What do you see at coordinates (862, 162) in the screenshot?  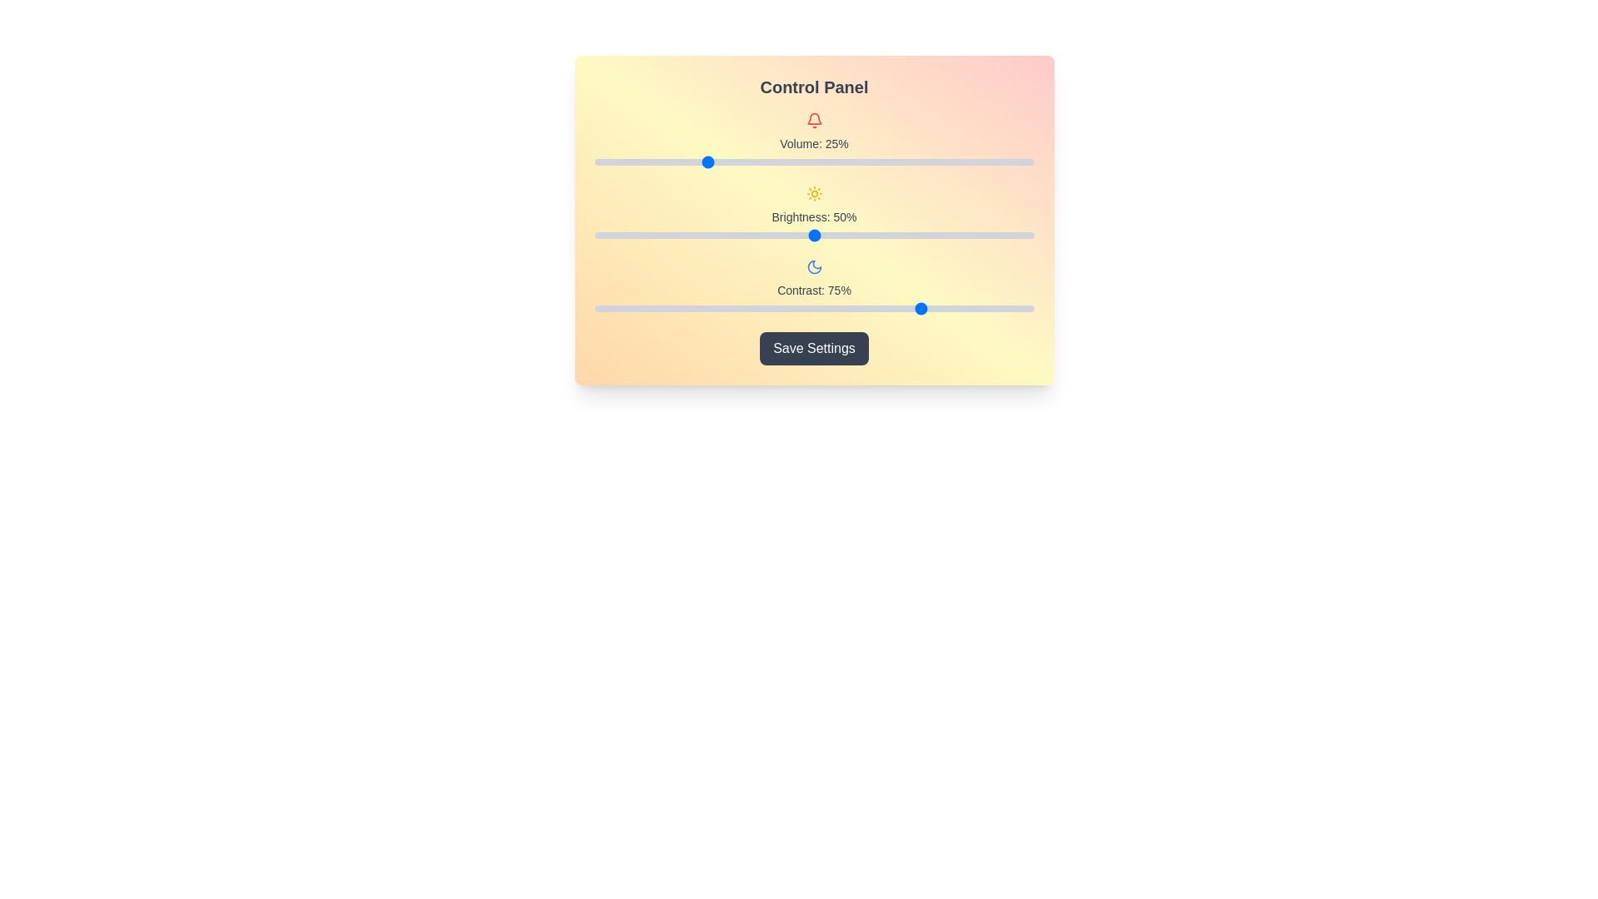 I see `the volume` at bounding box center [862, 162].